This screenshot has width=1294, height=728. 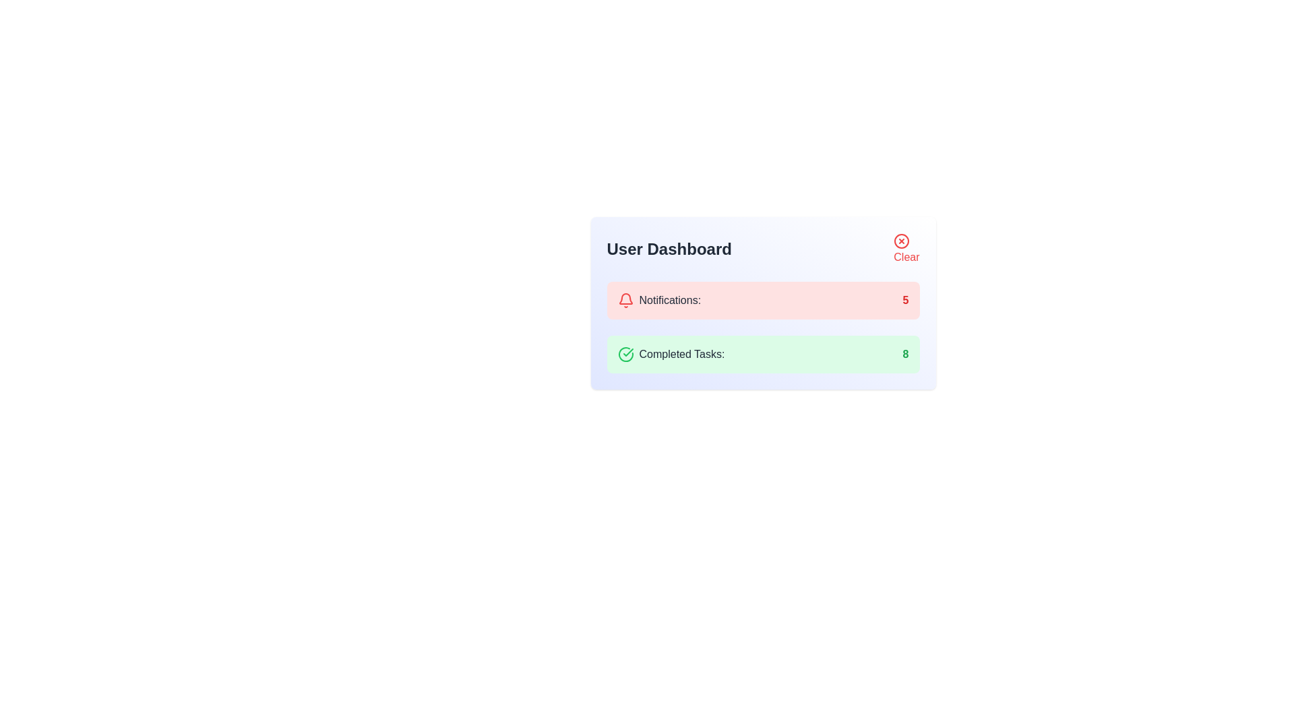 What do you see at coordinates (906, 300) in the screenshot?
I see `bold red number '5' displayed prominently in the notification box, aligned to the right next to the label 'Notifications:'` at bounding box center [906, 300].